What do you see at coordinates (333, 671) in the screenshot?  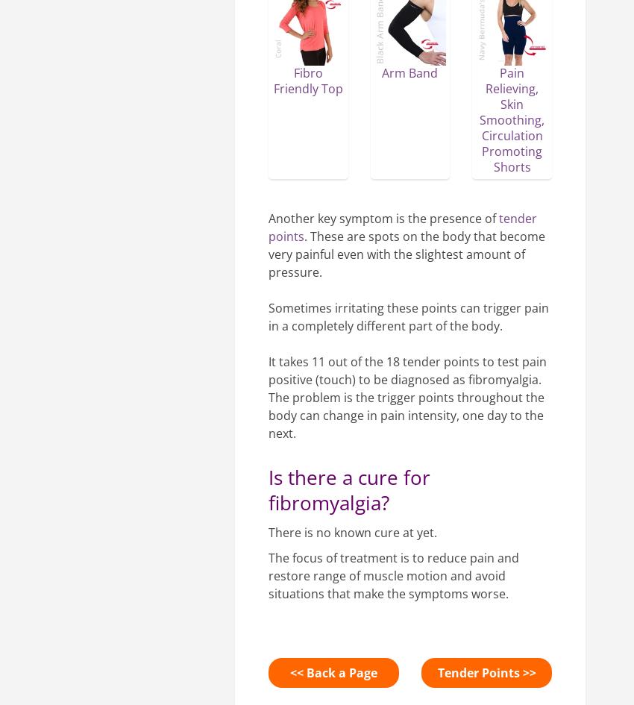 I see `'<< Back a Page'` at bounding box center [333, 671].